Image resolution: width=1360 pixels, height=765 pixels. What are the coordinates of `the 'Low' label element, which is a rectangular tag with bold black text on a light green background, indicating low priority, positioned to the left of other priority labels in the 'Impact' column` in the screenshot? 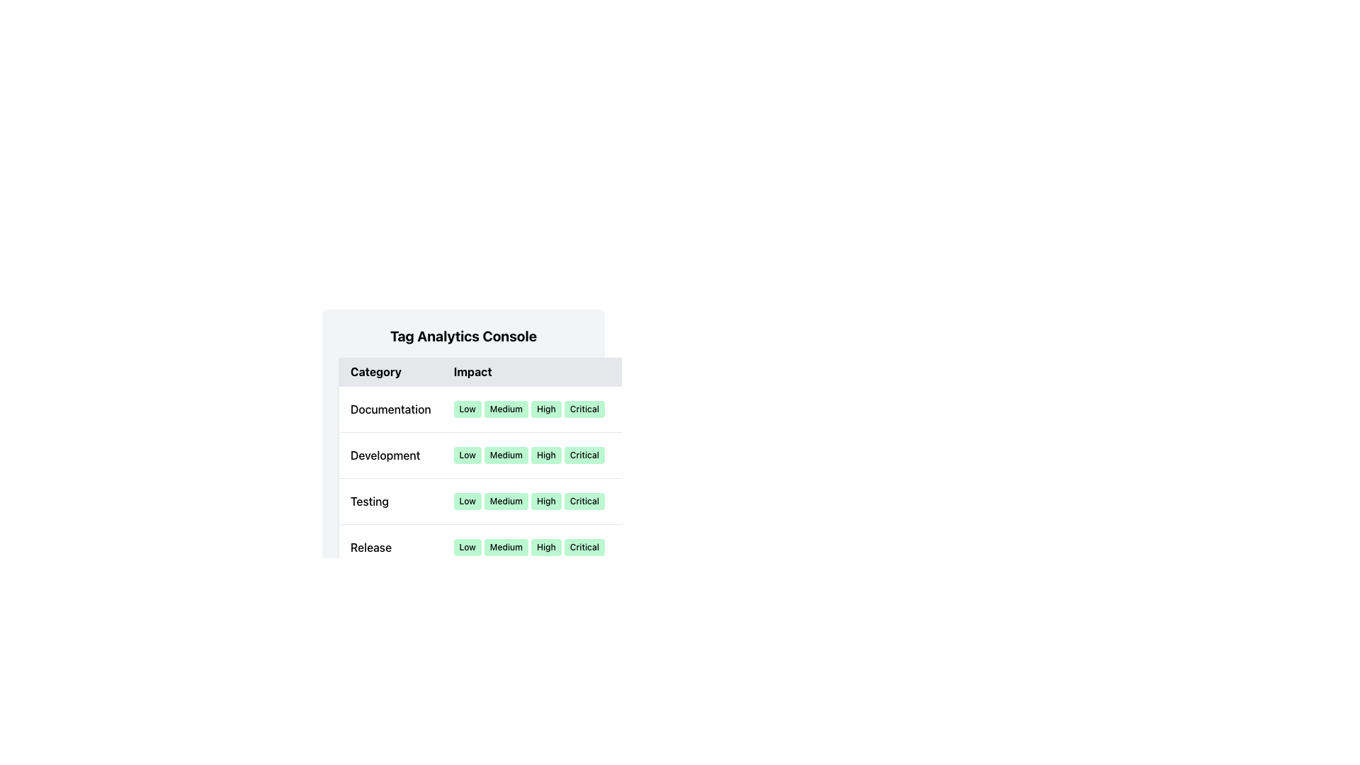 It's located at (467, 546).